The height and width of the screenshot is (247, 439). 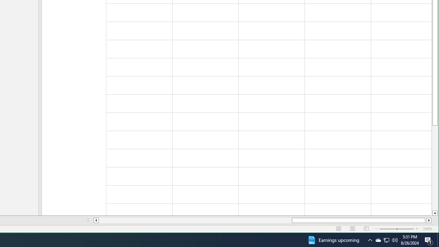 I want to click on 'Q2790: 100%', so click(x=395, y=239).